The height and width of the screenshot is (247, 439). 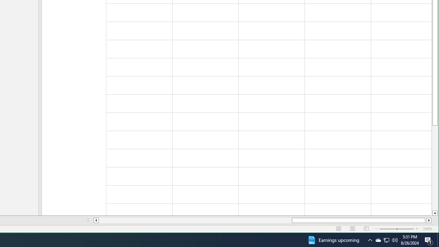 I want to click on 'Q2790: 100%', so click(x=395, y=239).